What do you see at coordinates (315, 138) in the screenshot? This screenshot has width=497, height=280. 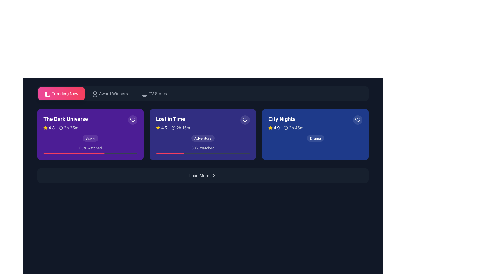 I see `the 'Drama' label, which is a small, pill-shaped label with a semi-transparent light background, found within the 'City Nights' movie card` at bounding box center [315, 138].